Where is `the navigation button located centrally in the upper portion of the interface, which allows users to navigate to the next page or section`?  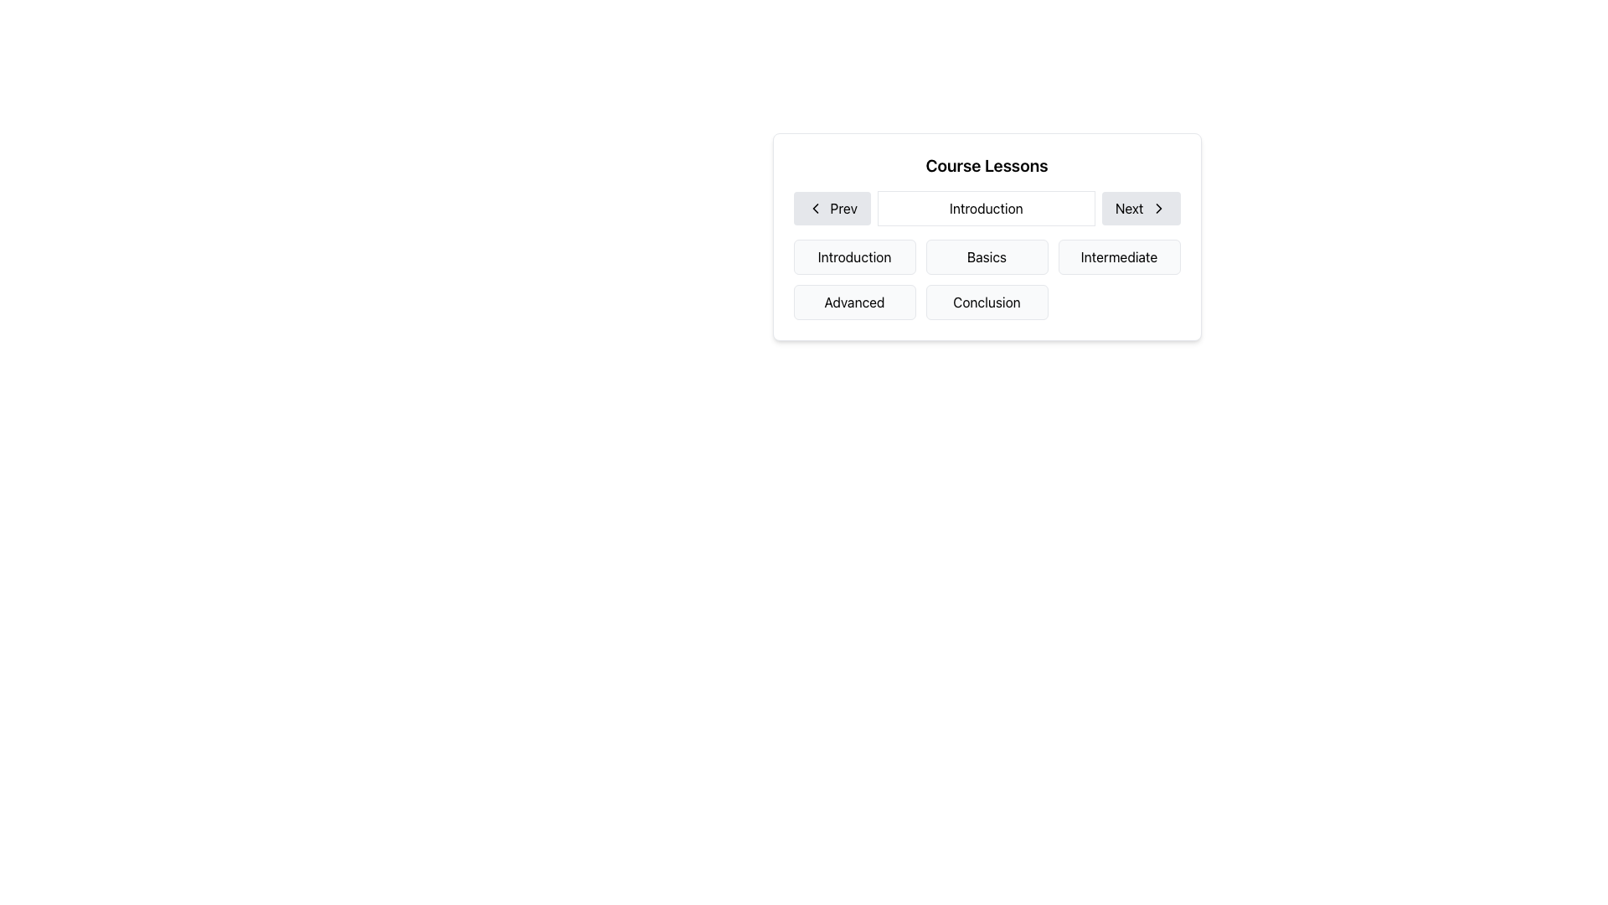
the navigation button located centrally in the upper portion of the interface, which allows users to navigate to the next page or section is located at coordinates (1140, 208).